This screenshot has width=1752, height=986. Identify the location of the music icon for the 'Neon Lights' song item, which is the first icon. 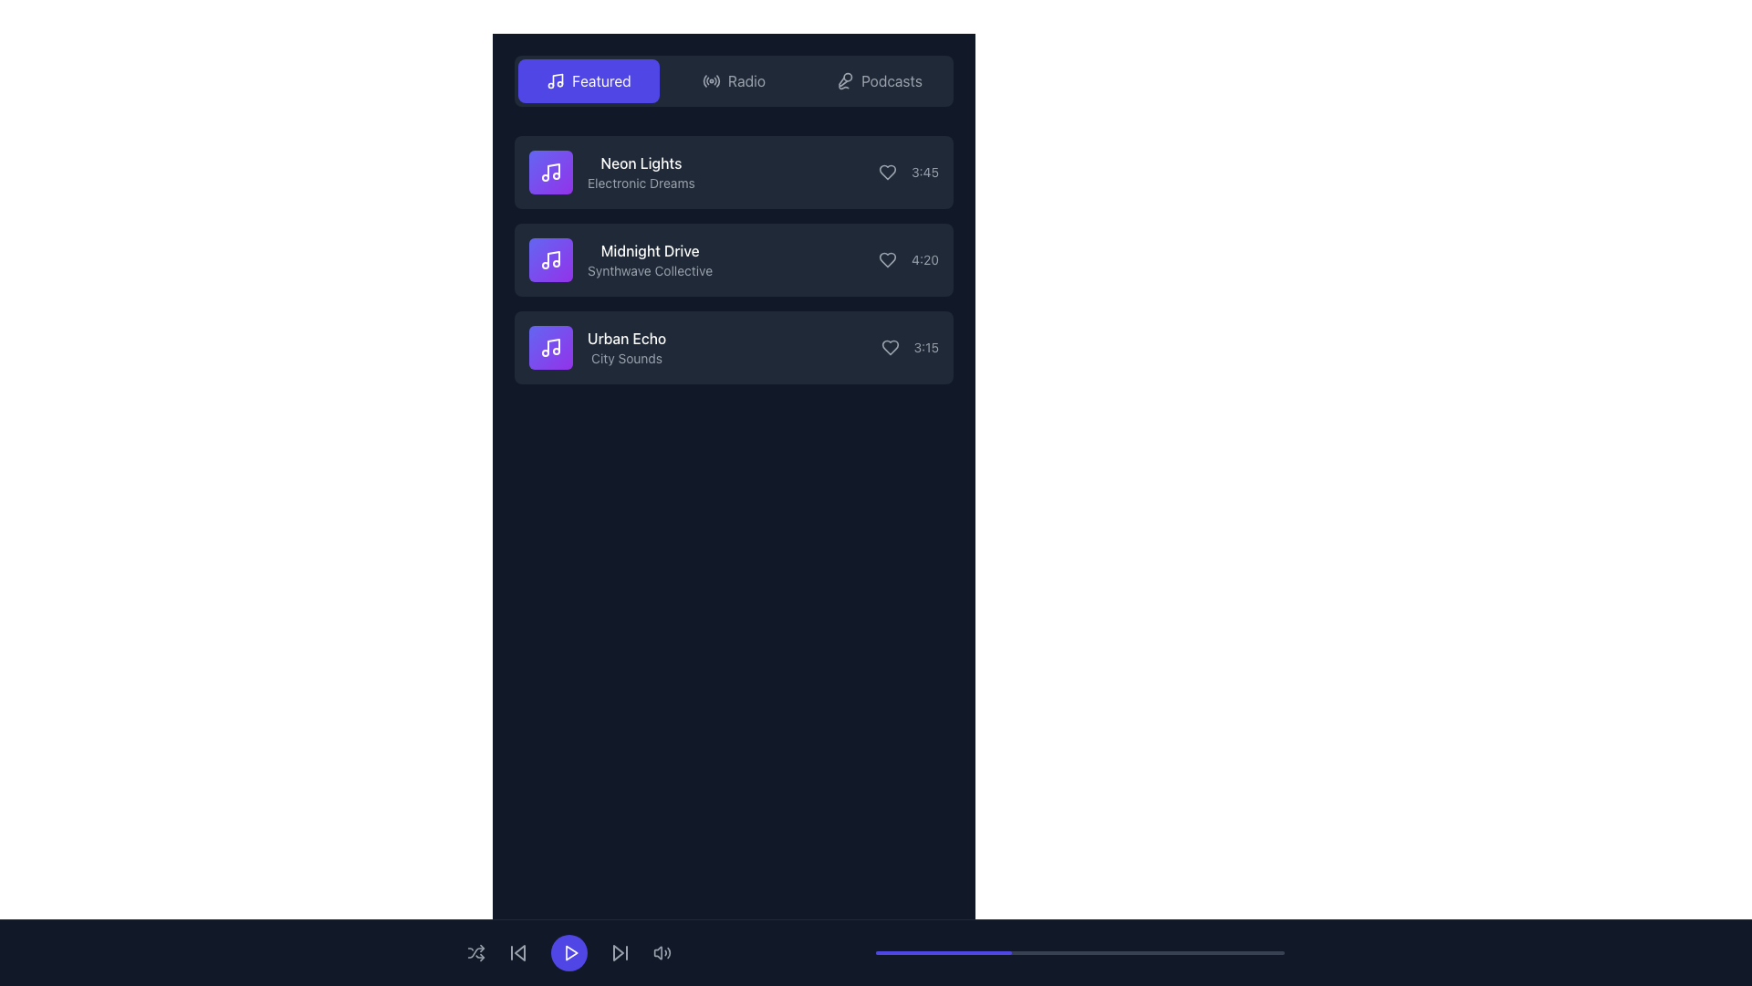
(550, 173).